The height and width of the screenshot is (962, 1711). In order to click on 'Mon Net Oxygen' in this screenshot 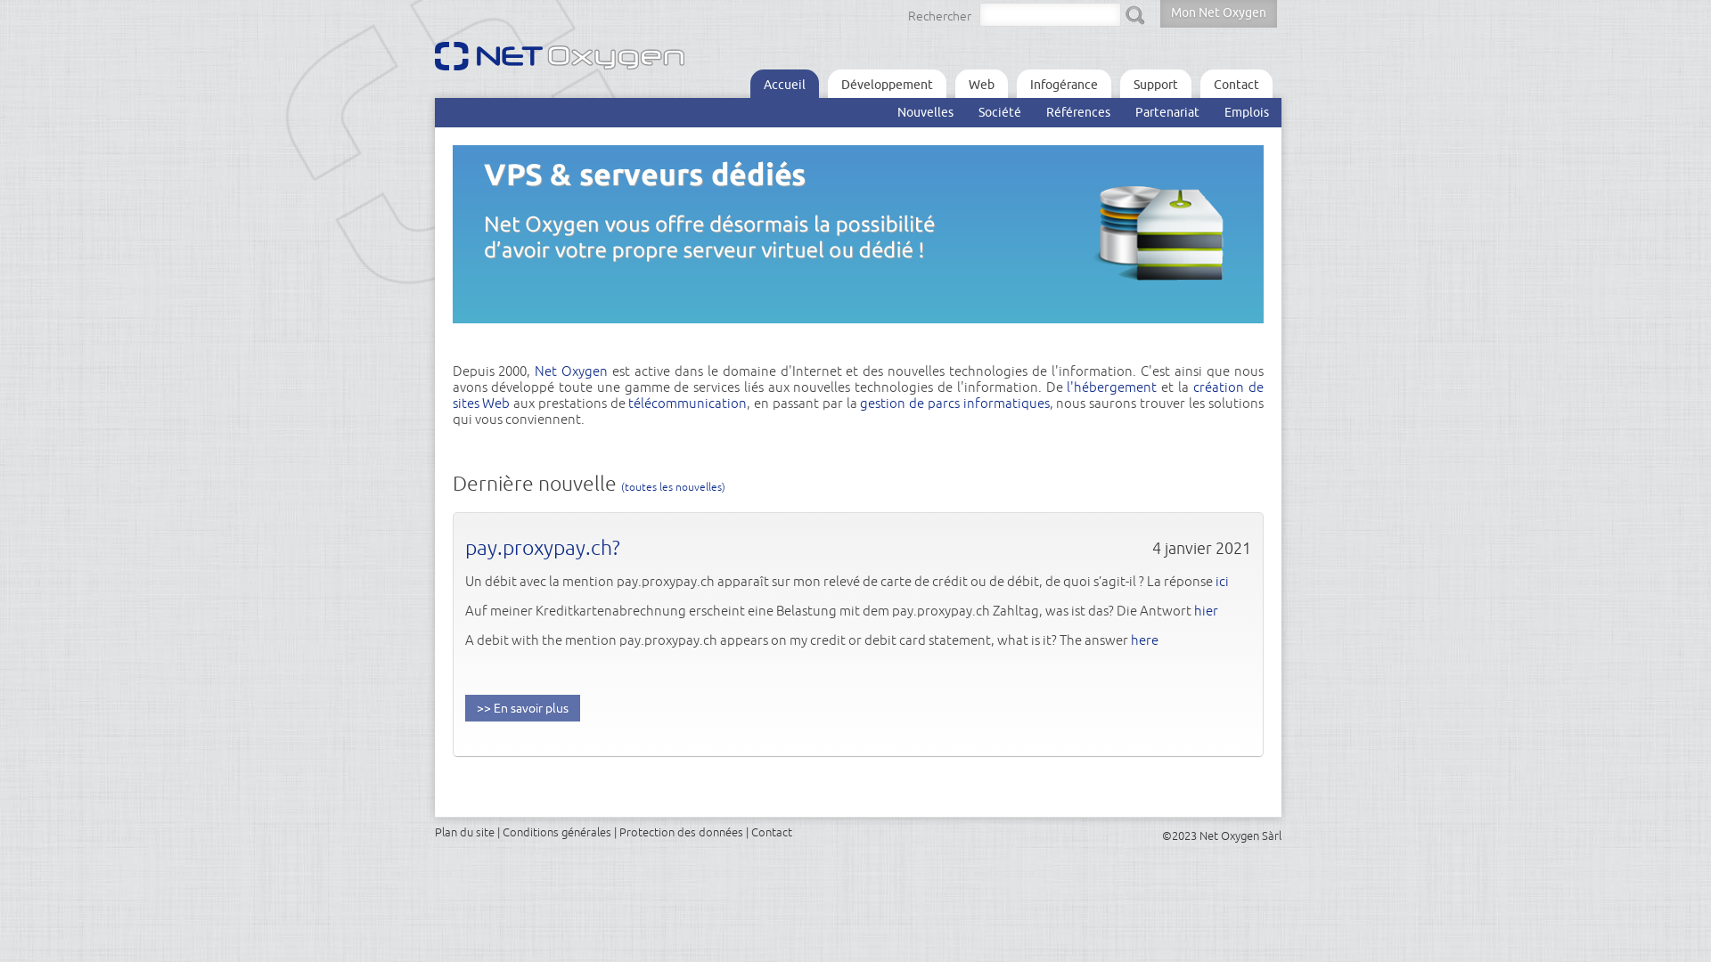, I will do `click(1159, 13)`.